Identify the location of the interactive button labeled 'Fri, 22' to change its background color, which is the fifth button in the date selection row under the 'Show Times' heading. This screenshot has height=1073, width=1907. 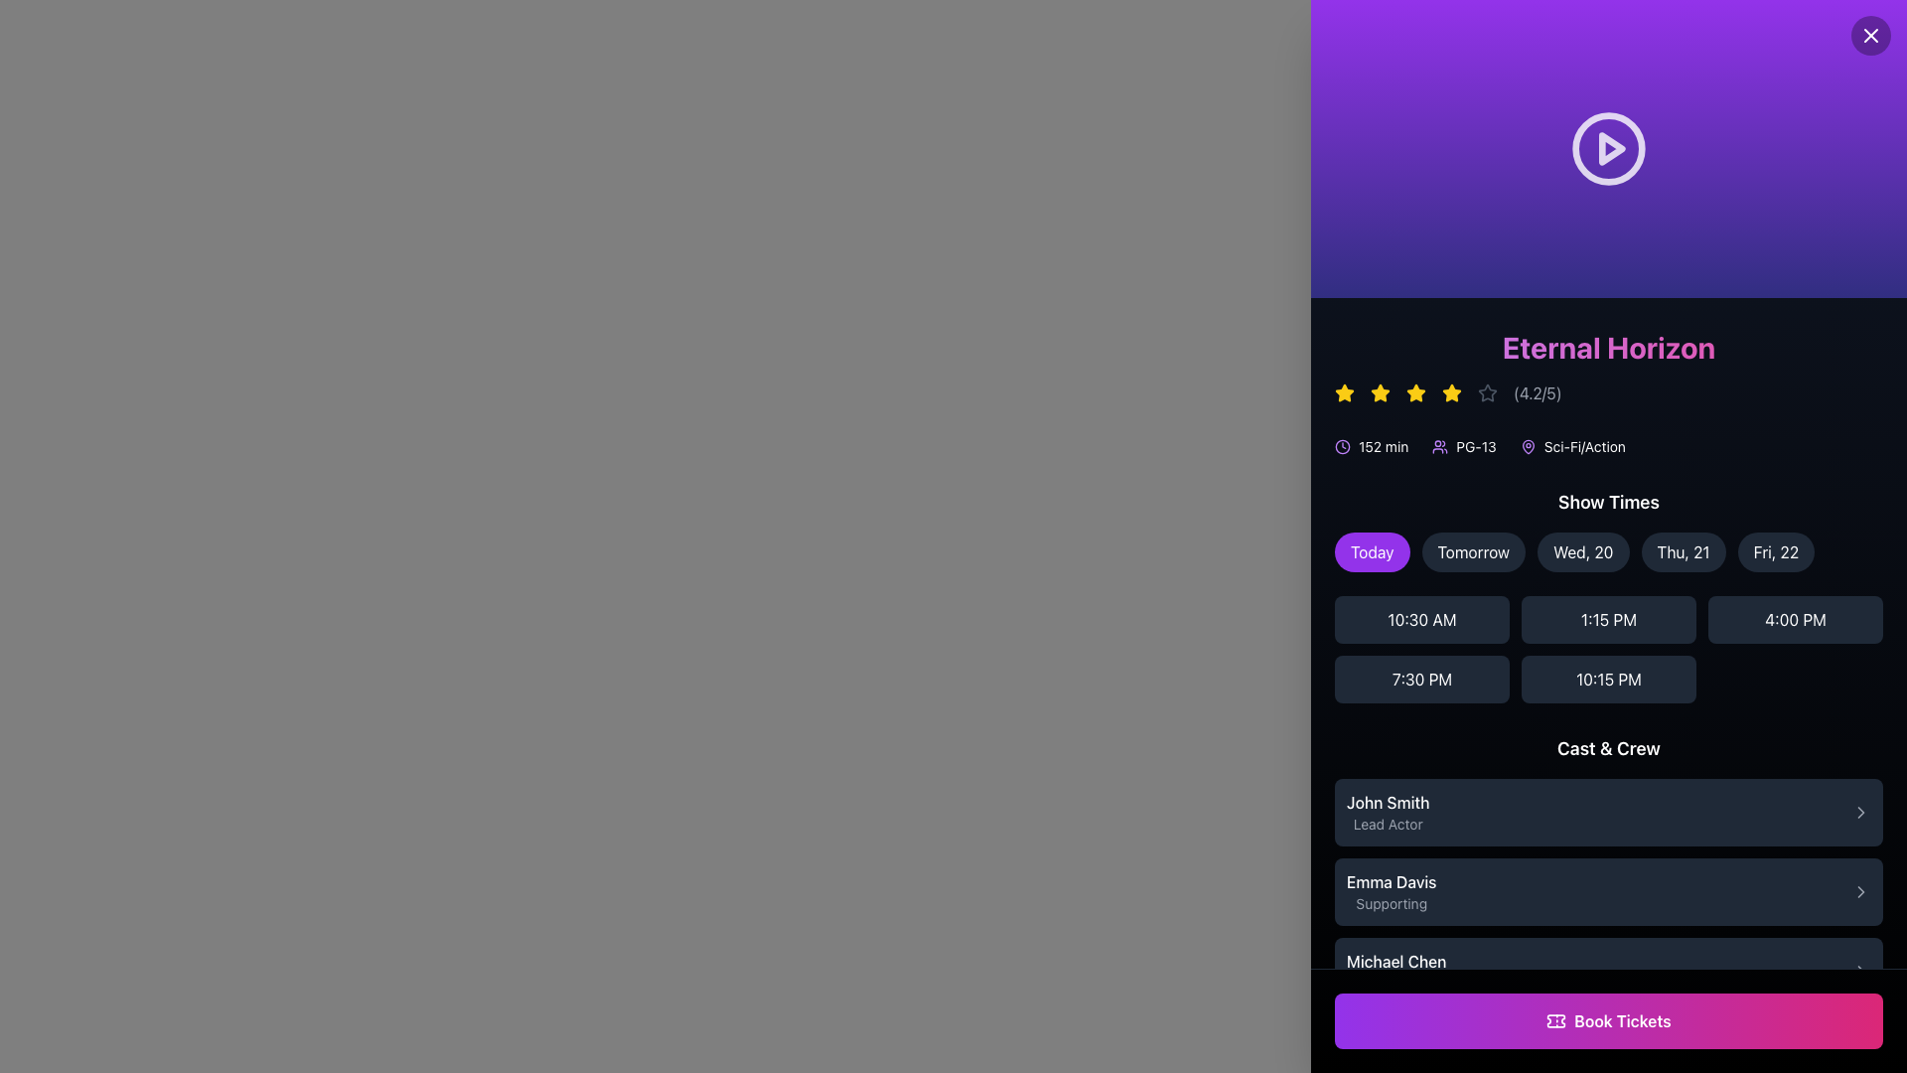
(1776, 551).